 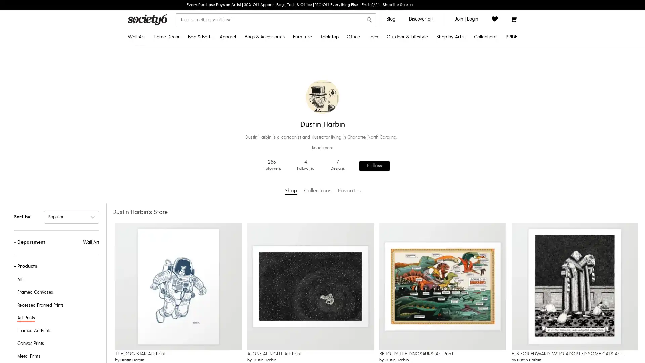 I want to click on Mini Art Prints, so click(x=158, y=173).